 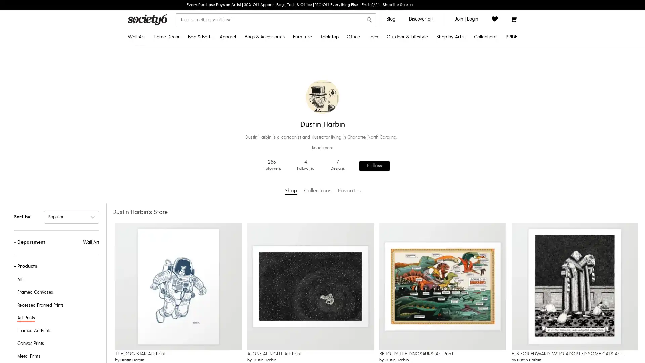 I want to click on Mini Art Prints, so click(x=158, y=173).